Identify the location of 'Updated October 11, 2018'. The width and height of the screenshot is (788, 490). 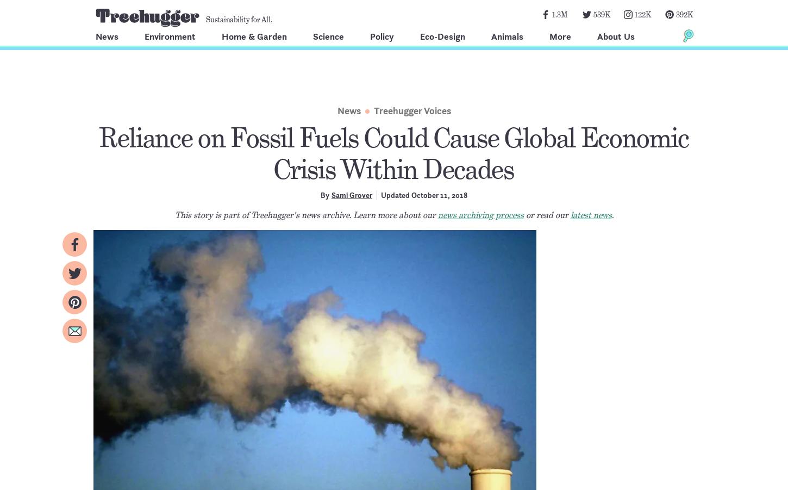
(424, 195).